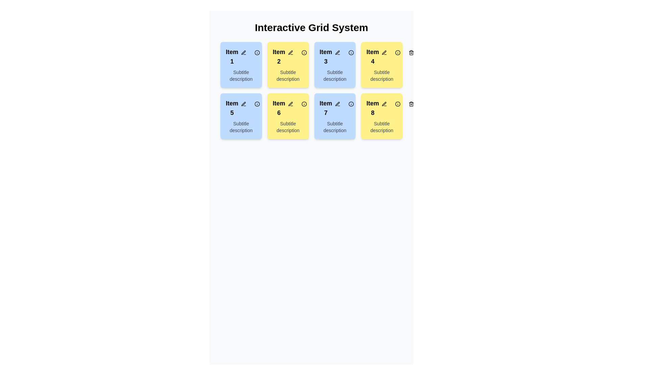  What do you see at coordinates (398, 52) in the screenshot?
I see `the graphical icon component located in the top-right corner of the yellow card labeled 'Item 4'` at bounding box center [398, 52].